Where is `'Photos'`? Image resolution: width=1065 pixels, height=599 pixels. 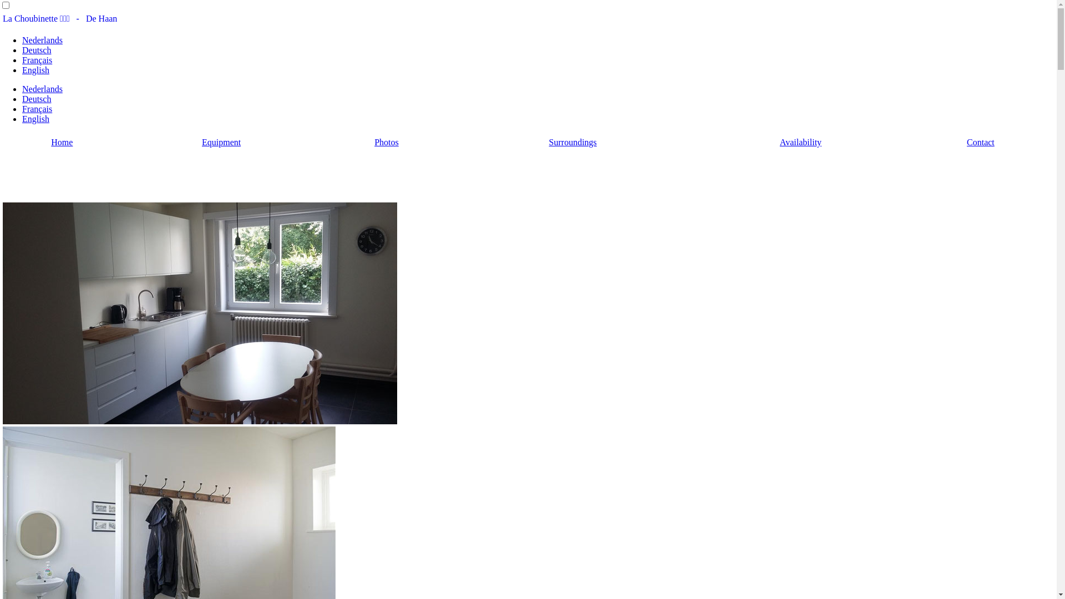
'Photos' is located at coordinates (386, 141).